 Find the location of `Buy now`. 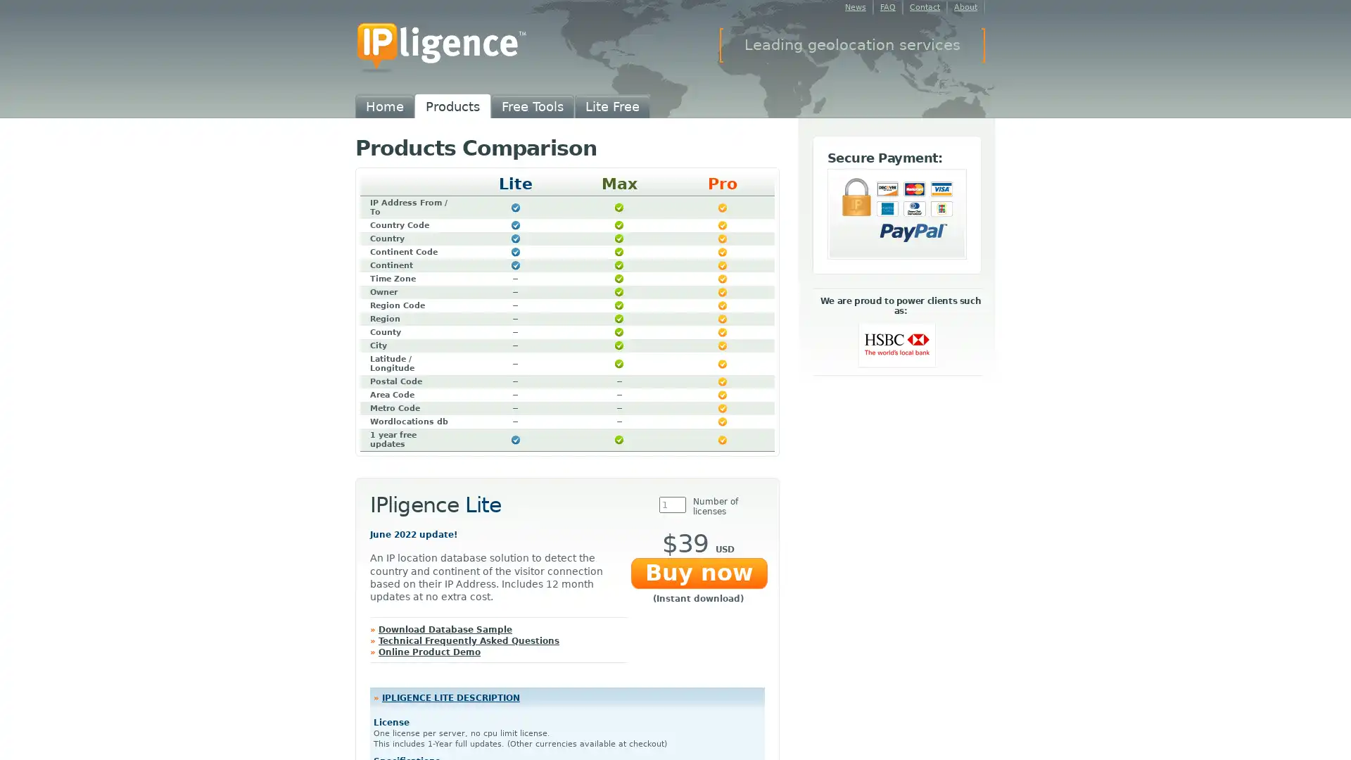

Buy now is located at coordinates (699, 574).